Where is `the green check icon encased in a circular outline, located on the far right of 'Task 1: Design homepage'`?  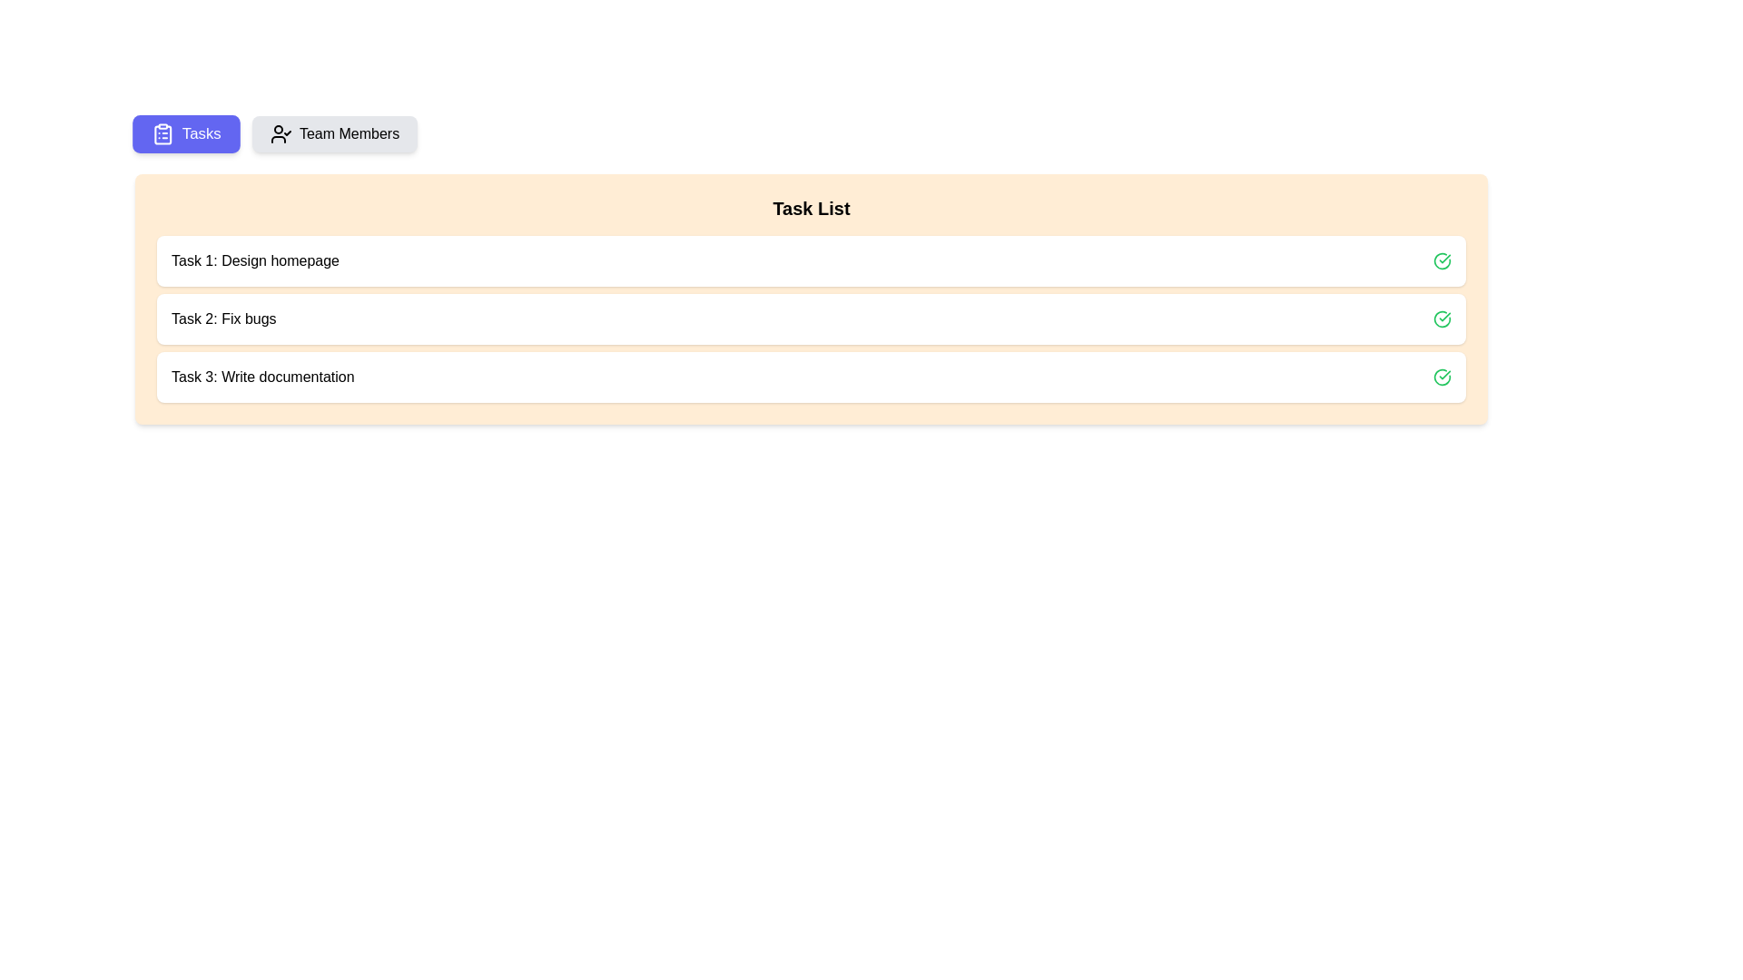
the green check icon encased in a circular outline, located on the far right of 'Task 1: Design homepage' is located at coordinates (1441, 261).